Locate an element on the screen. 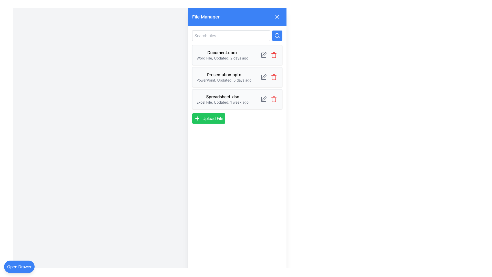 The width and height of the screenshot is (492, 277). the icon button located to the right of the 'Spreadsheet.xlsx' file entry in the 'File Manager' interface is located at coordinates (263, 99).